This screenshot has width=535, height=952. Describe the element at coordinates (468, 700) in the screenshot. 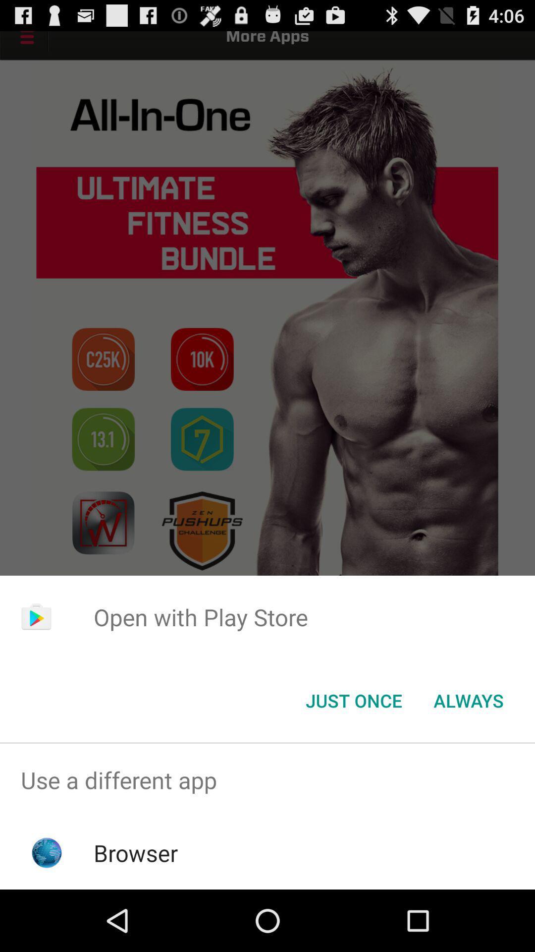

I see `the button next to the just once icon` at that location.